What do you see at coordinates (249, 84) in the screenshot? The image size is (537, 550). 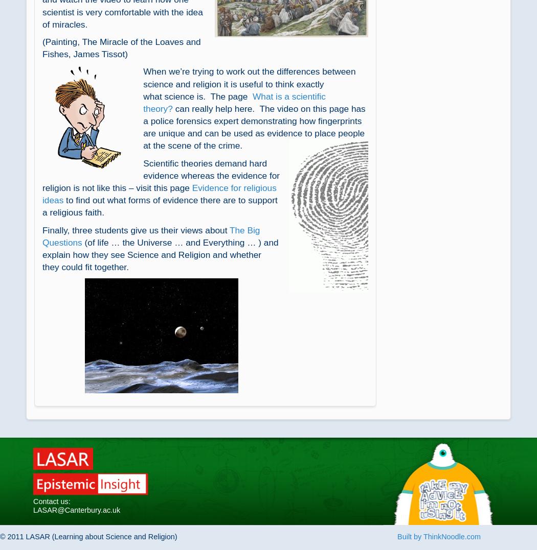 I see `'When we’re trying to work out the differences between science and religion it is useful to think exactly what science is.  The page'` at bounding box center [249, 84].